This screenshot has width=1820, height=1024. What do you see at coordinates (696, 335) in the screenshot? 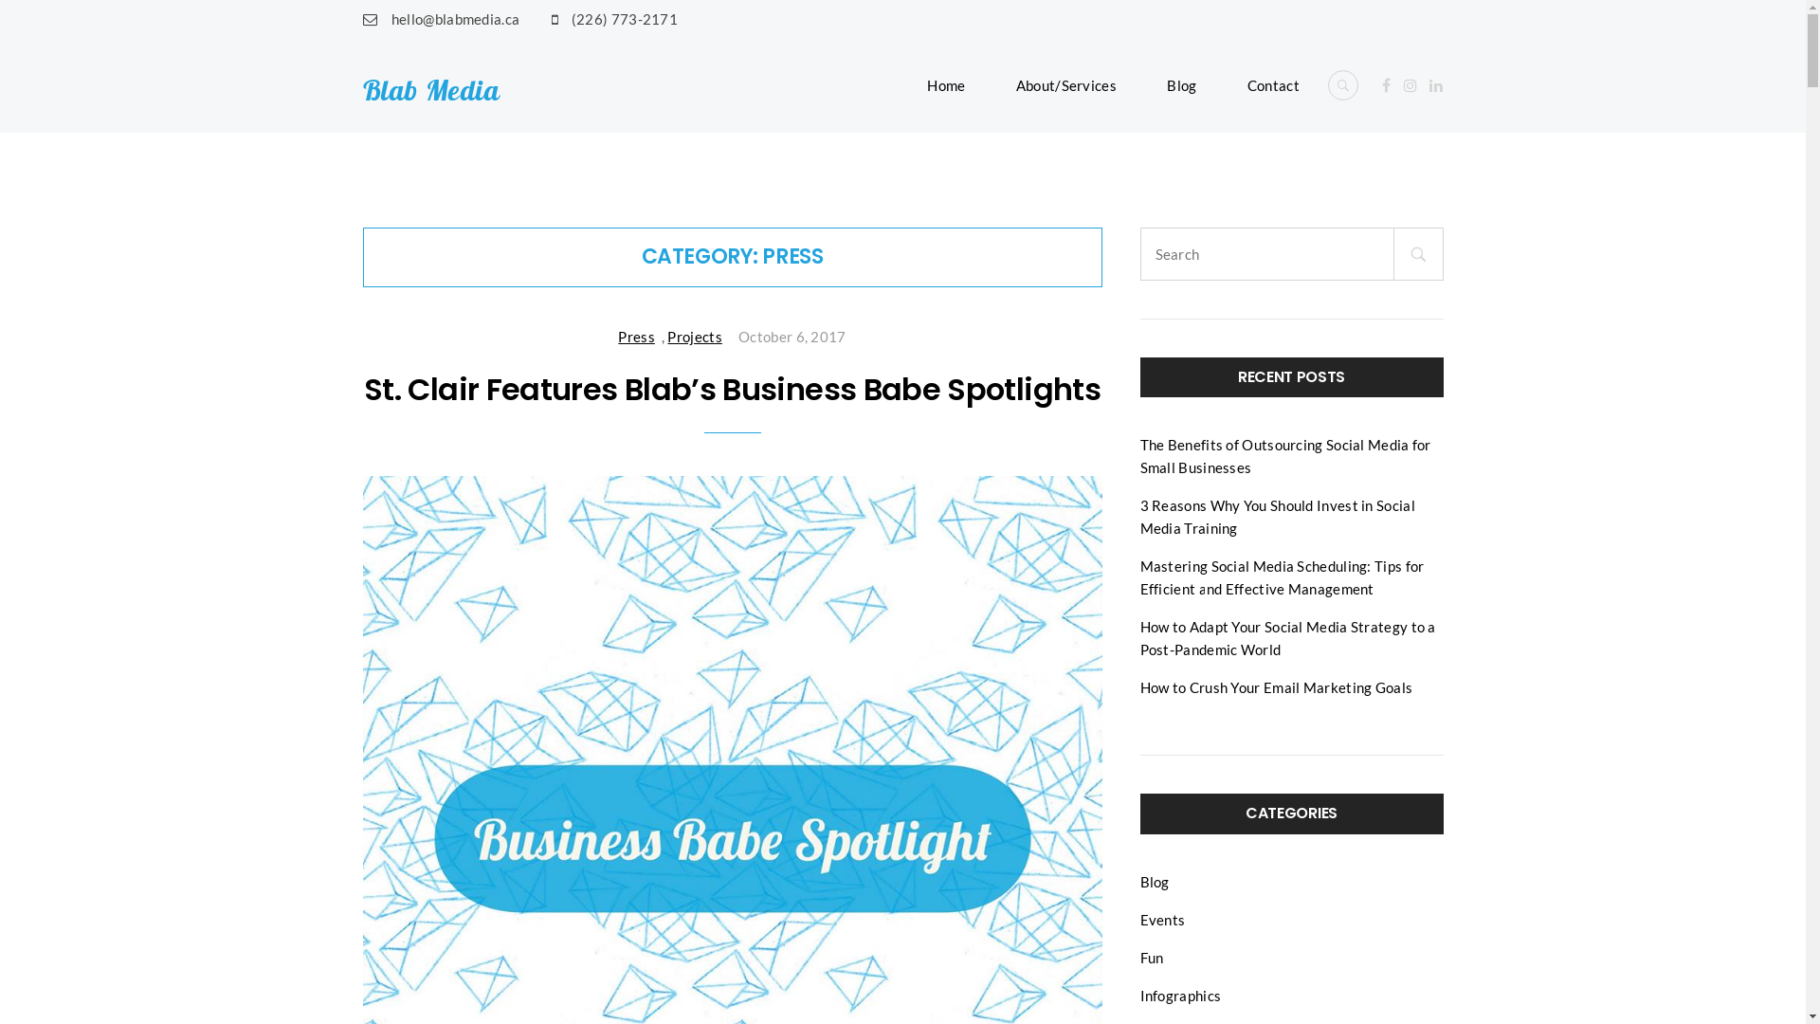
I see `'Projects'` at bounding box center [696, 335].